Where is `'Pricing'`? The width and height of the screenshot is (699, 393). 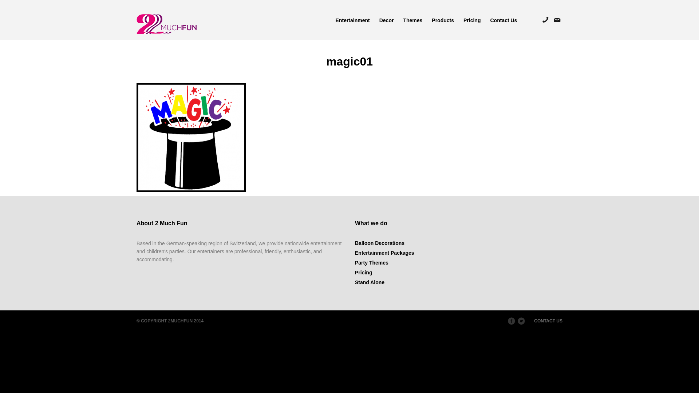 'Pricing' is located at coordinates (355, 272).